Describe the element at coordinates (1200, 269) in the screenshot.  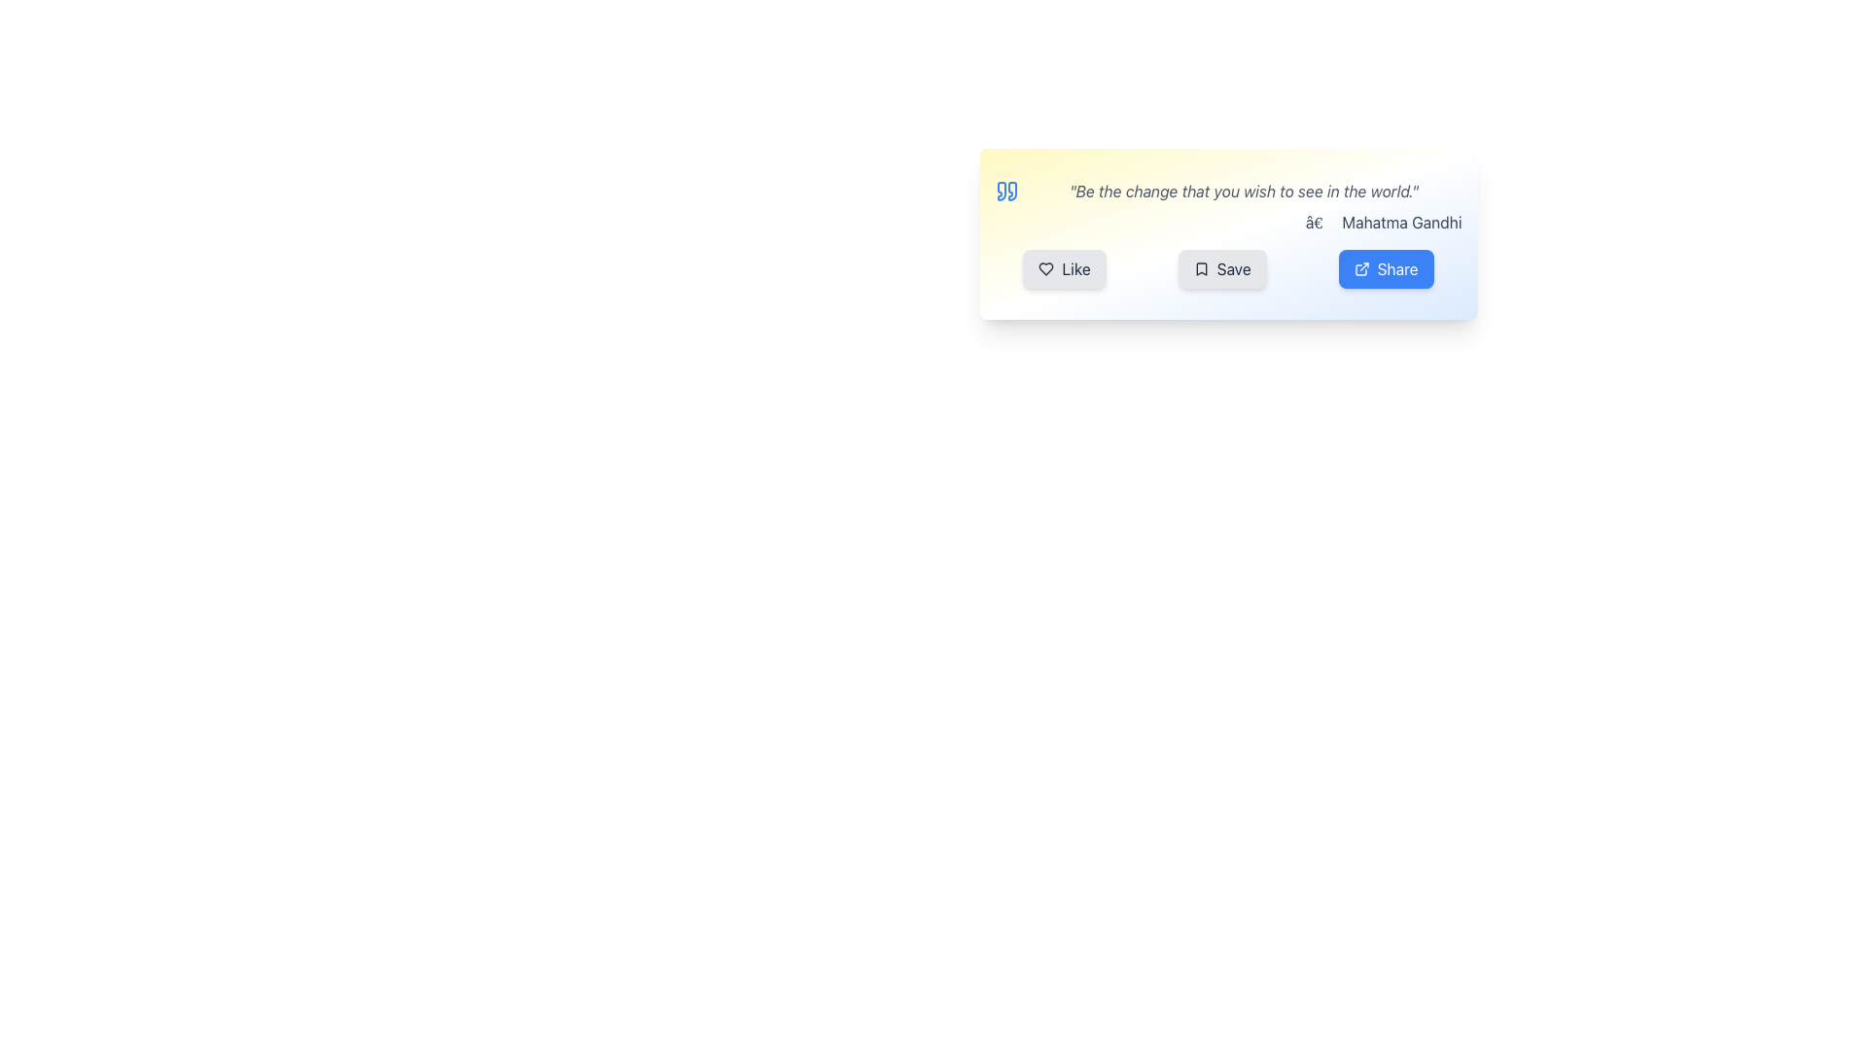
I see `the 'Save' button, which is part of a visual icon that allows users` at that location.